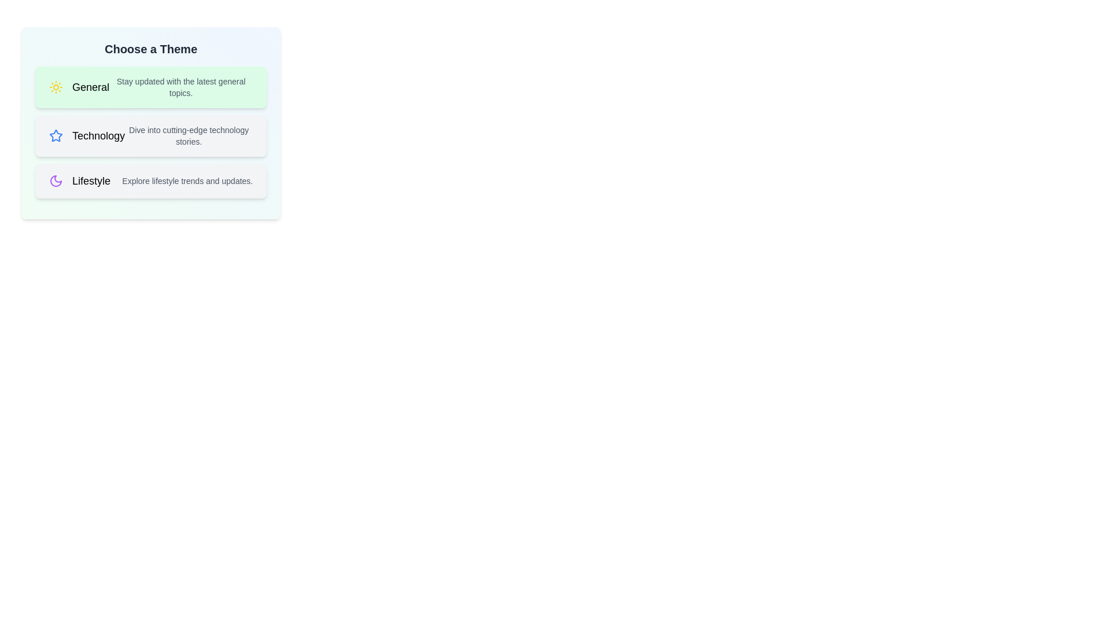  What do you see at coordinates (150, 135) in the screenshot?
I see `the theme Technology from the list` at bounding box center [150, 135].